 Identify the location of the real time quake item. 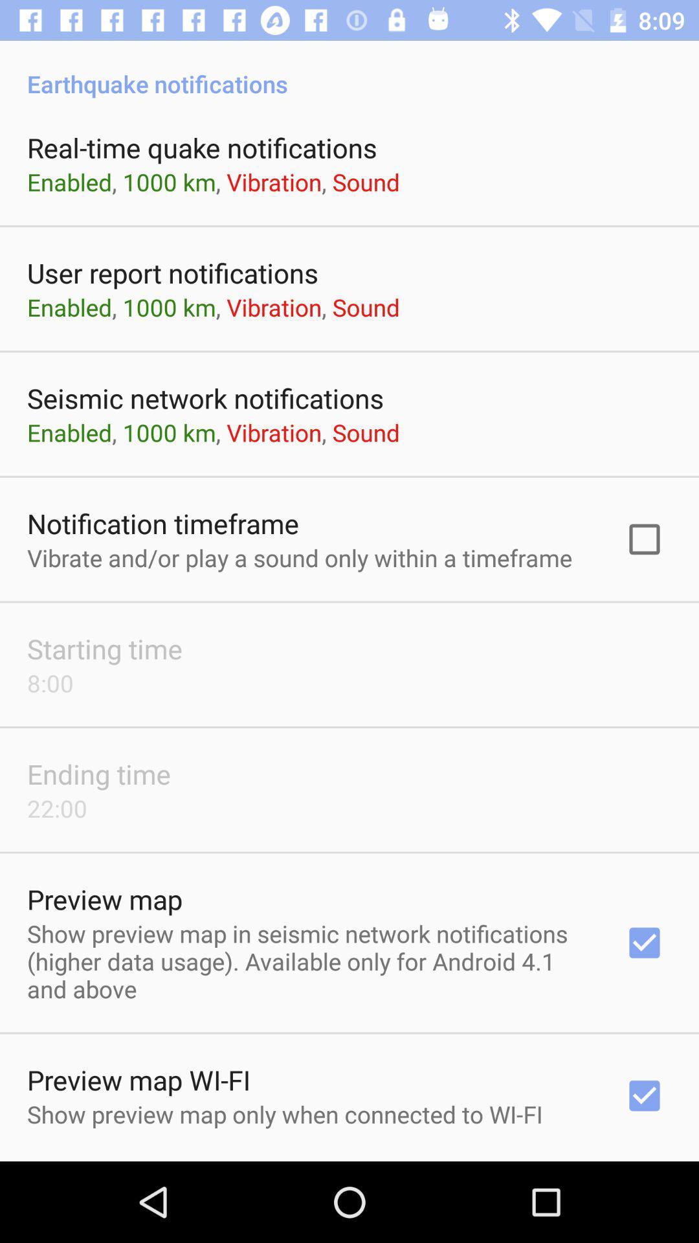
(202, 148).